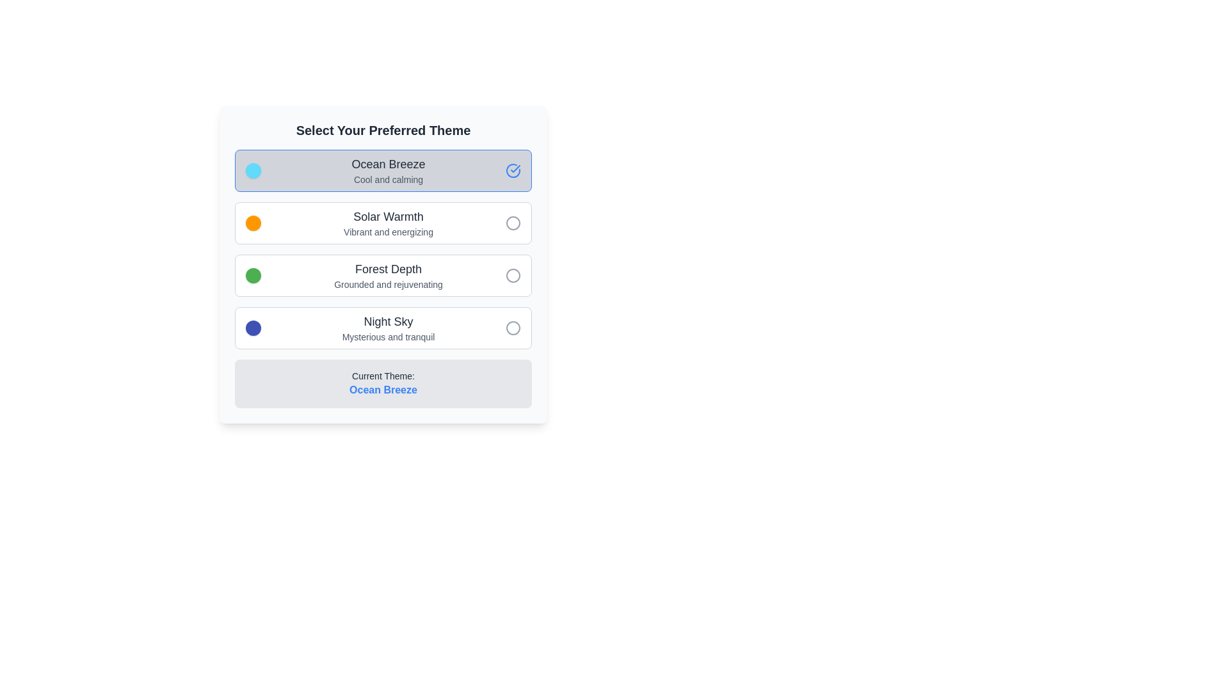 This screenshot has height=691, width=1229. Describe the element at coordinates (513, 328) in the screenshot. I see `the filled circular radio button indicator for the 'Night Sky' theme option` at that location.